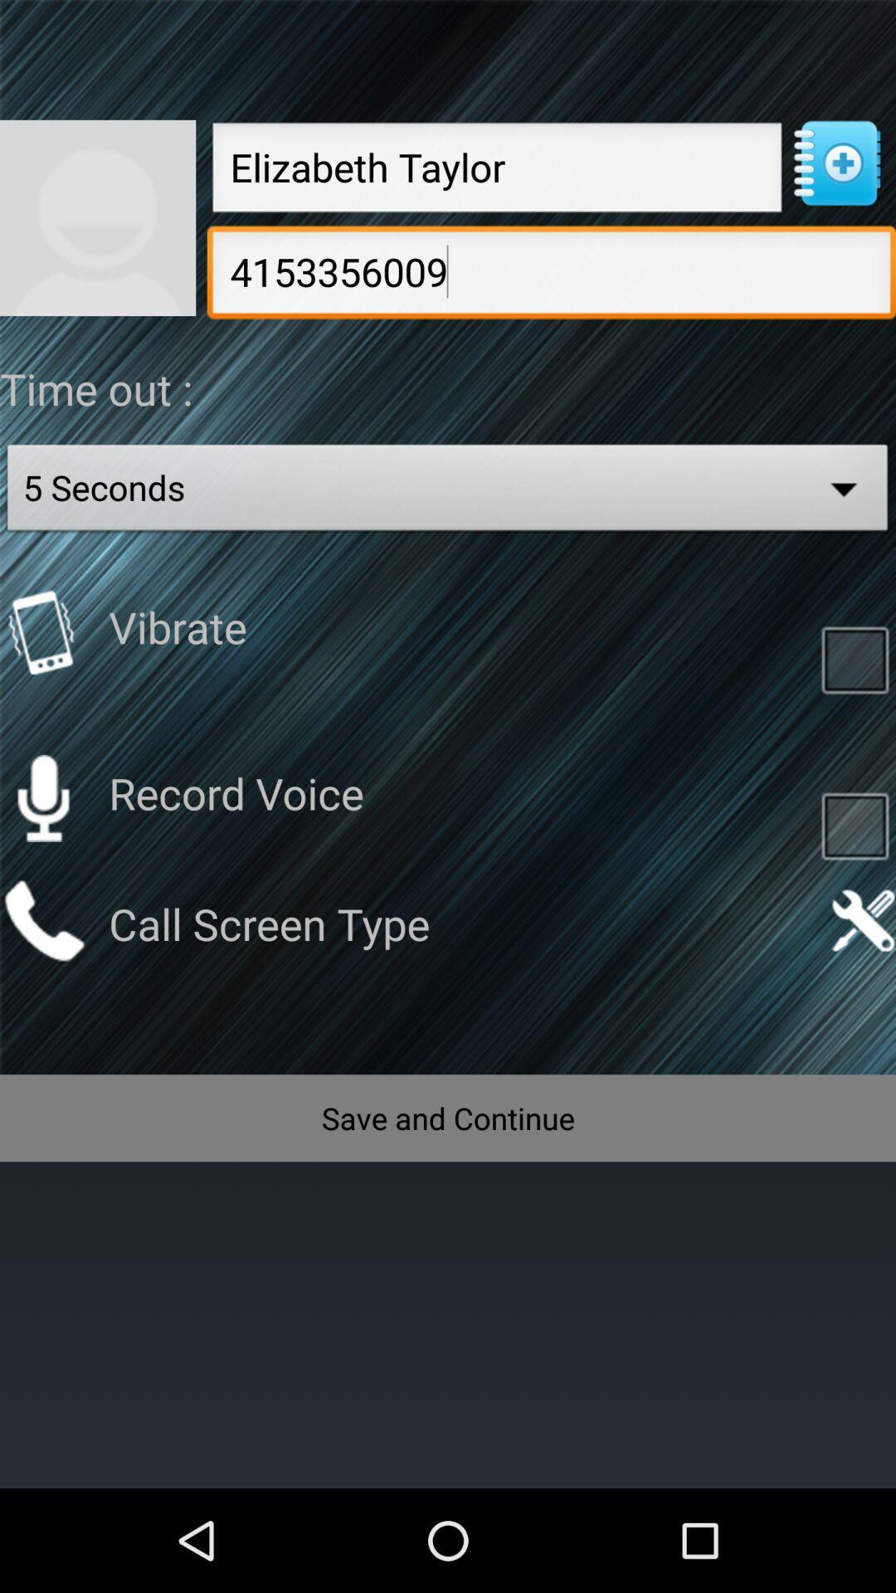  I want to click on enable record voice option, so click(855, 825).